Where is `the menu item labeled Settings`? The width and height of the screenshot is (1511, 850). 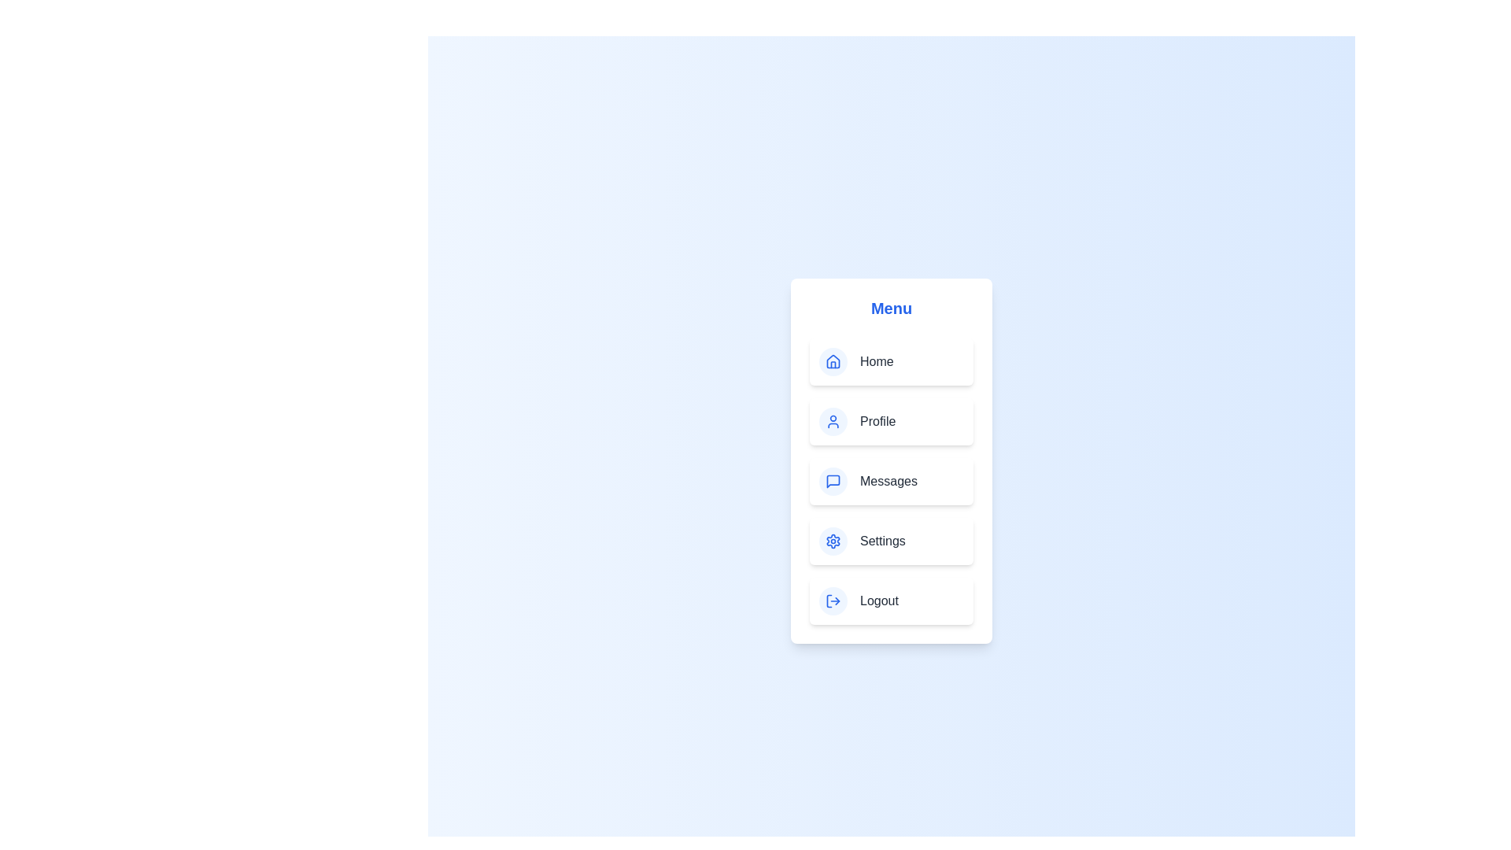 the menu item labeled Settings is located at coordinates (891, 540).